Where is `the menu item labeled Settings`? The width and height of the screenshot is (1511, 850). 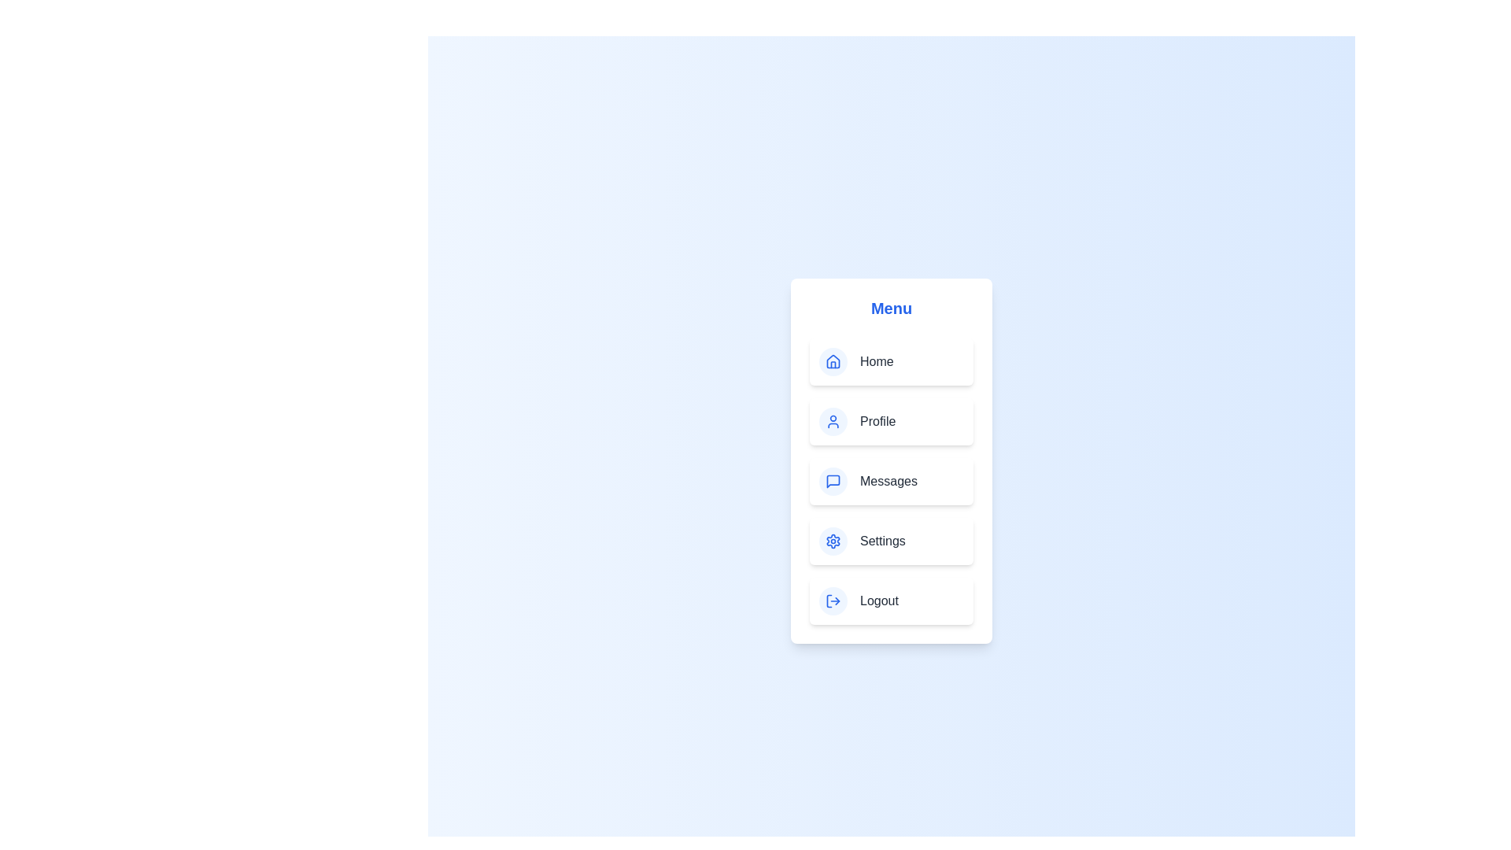 the menu item labeled Settings is located at coordinates (891, 540).